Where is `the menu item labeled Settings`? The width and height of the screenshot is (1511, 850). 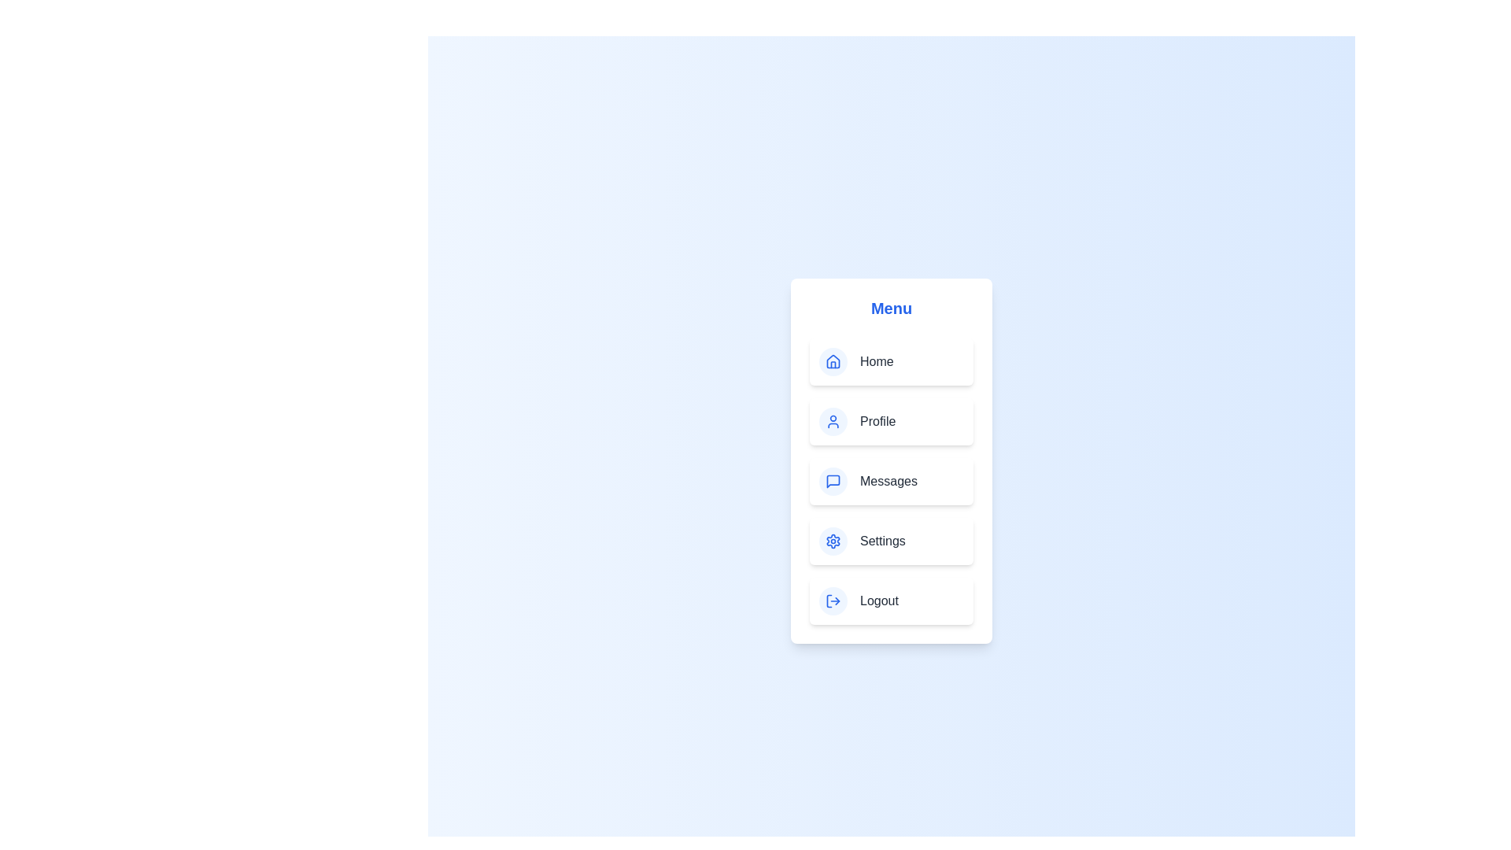 the menu item labeled Settings is located at coordinates (891, 540).